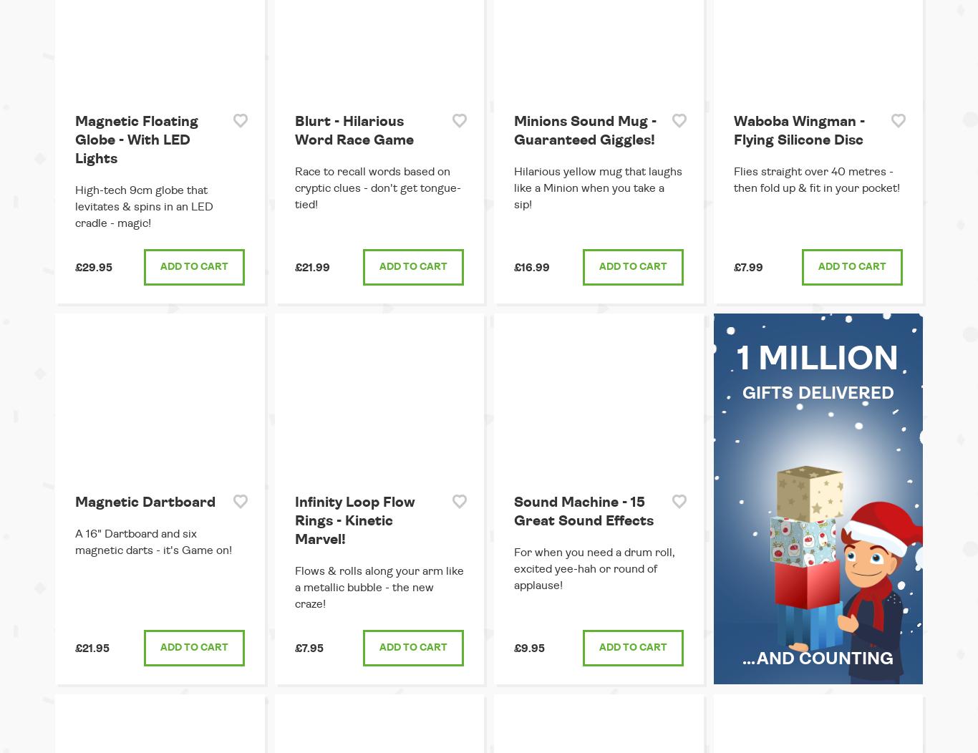 This screenshot has width=978, height=753. I want to click on '£7.99', so click(747, 267).